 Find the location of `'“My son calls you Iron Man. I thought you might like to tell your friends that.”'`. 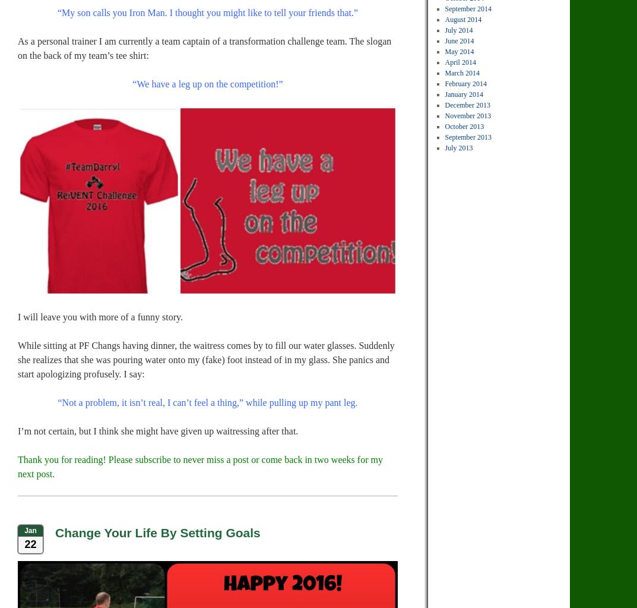

'“My son calls you Iron Man. I thought you might like to tell your friends that.”' is located at coordinates (207, 12).